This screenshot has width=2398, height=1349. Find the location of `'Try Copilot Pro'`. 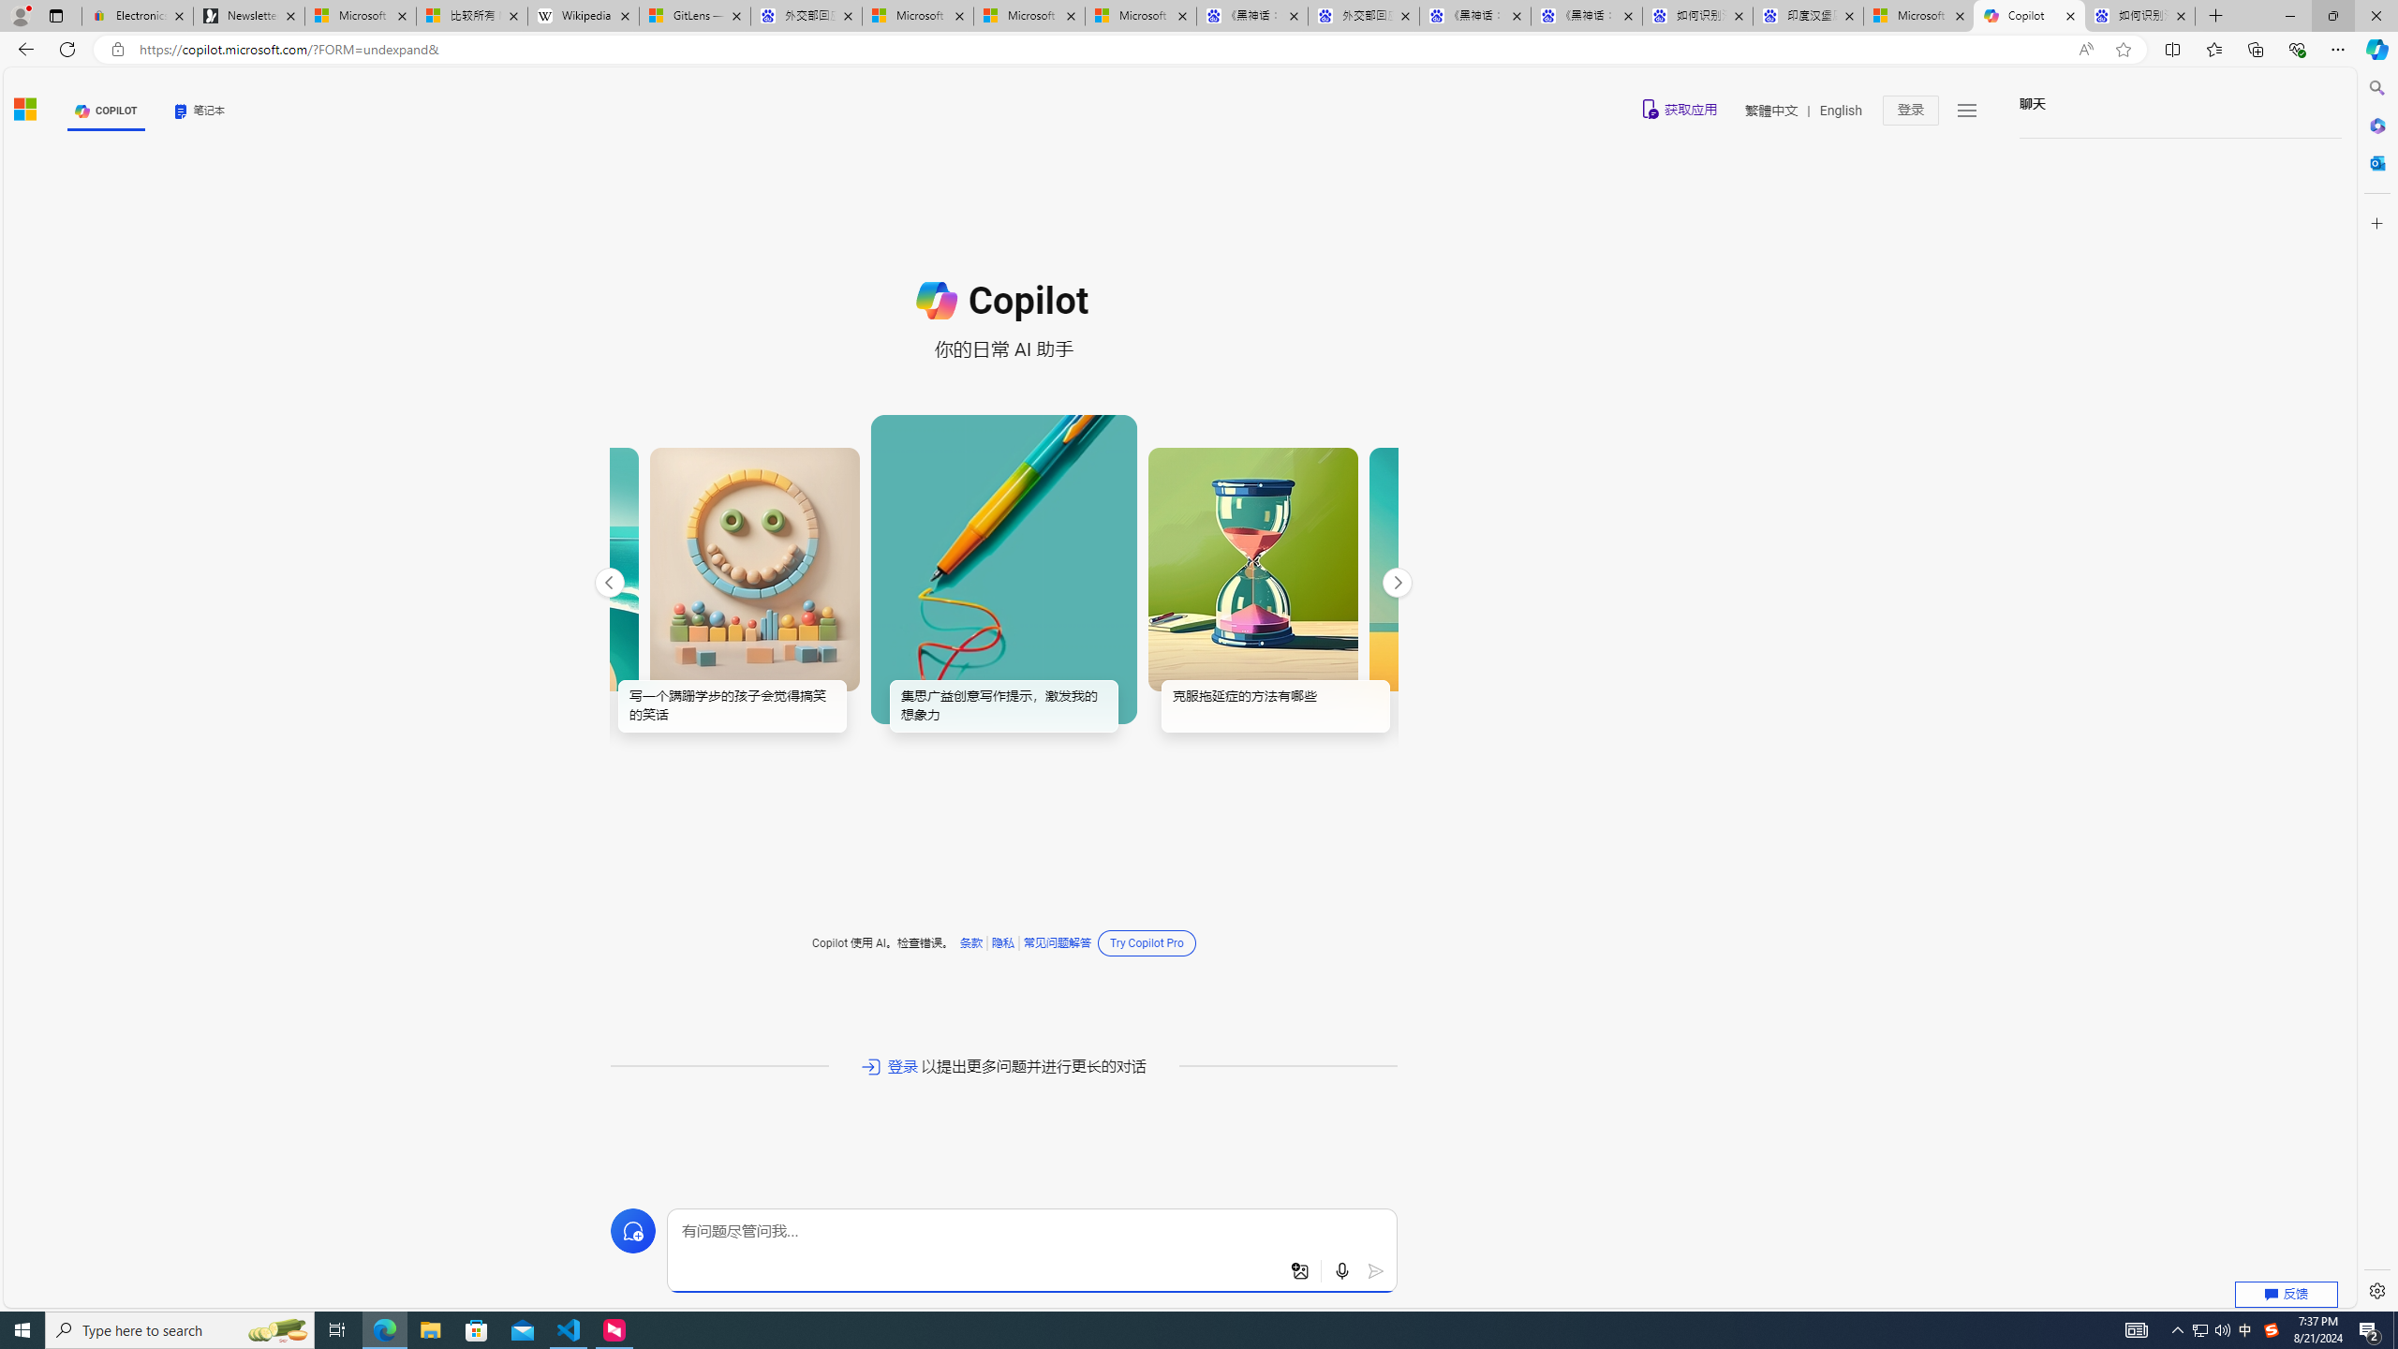

'Try Copilot Pro' is located at coordinates (1146, 942).